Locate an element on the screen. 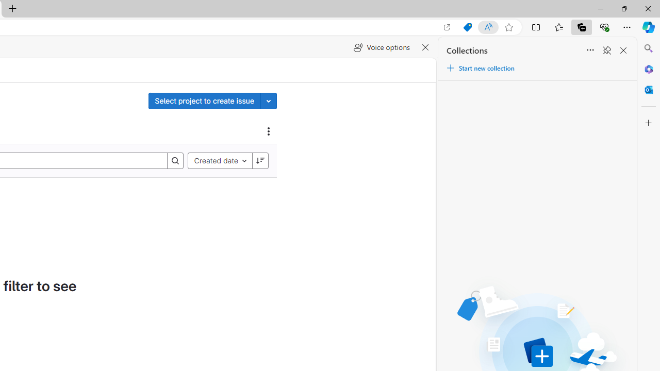 This screenshot has width=660, height=371. 'Voice options' is located at coordinates (381, 47).